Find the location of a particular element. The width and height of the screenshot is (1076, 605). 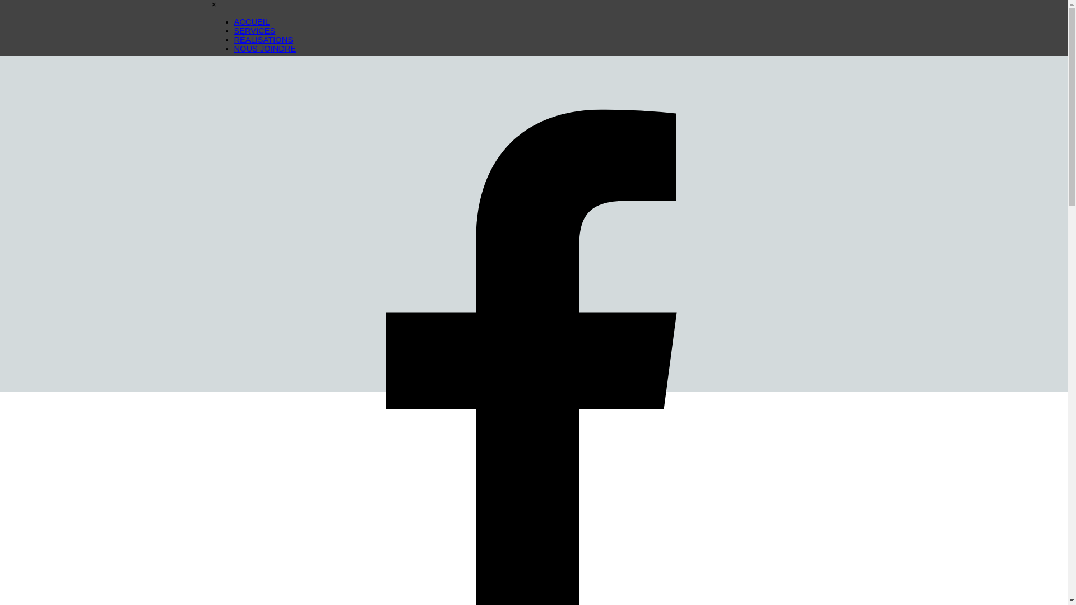

'NOUS JOINDRE' is located at coordinates (265, 48).